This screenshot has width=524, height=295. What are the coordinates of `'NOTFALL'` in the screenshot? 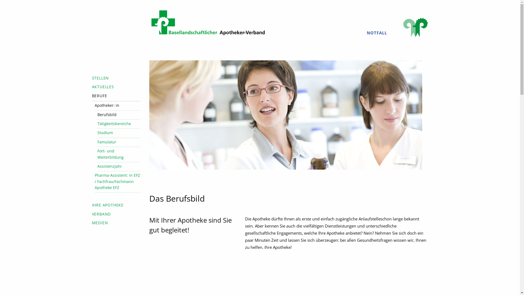 It's located at (367, 33).